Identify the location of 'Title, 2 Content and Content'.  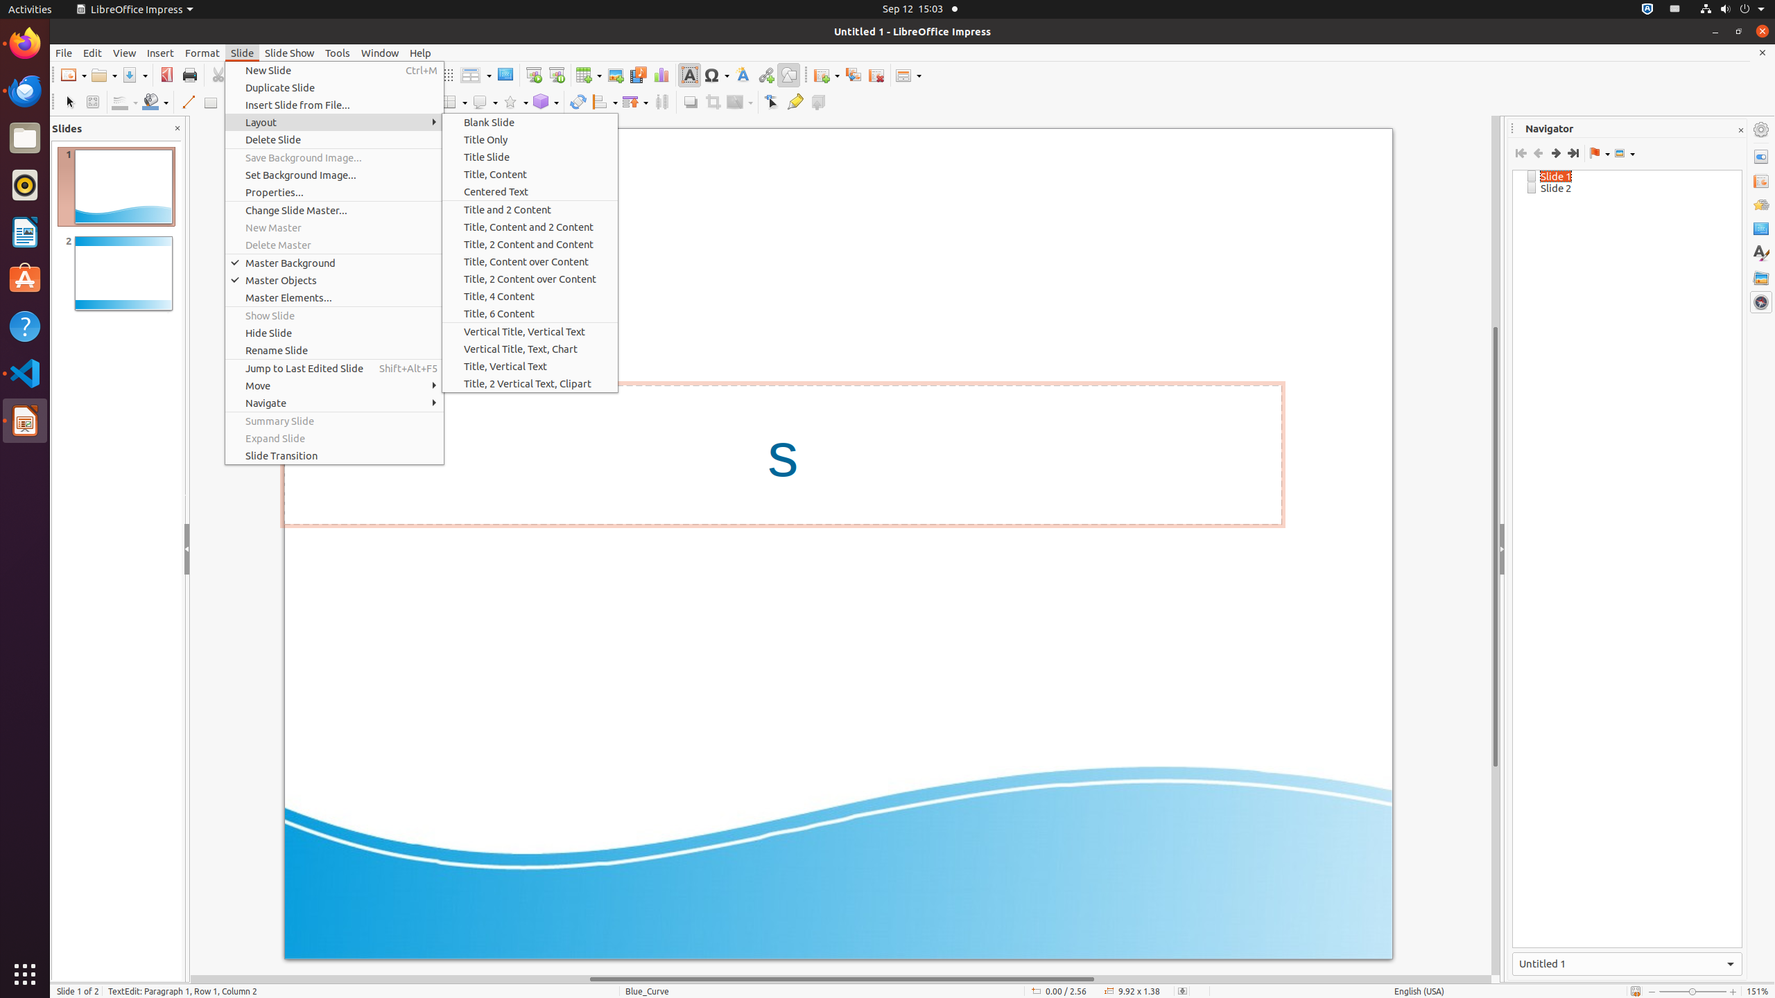
(529, 244).